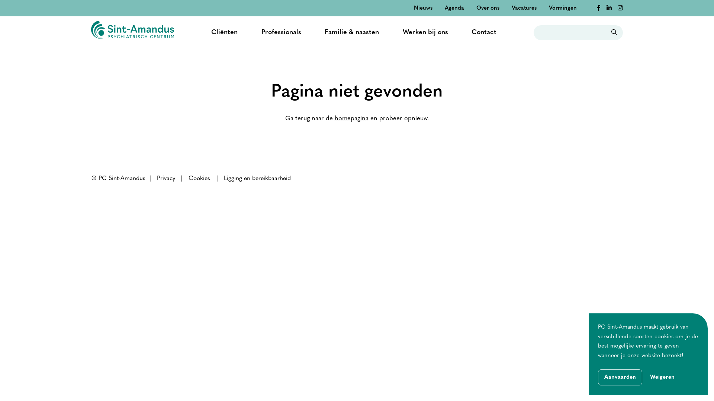 This screenshot has width=714, height=401. Describe the element at coordinates (662, 378) in the screenshot. I see `'Weigeren'` at that location.